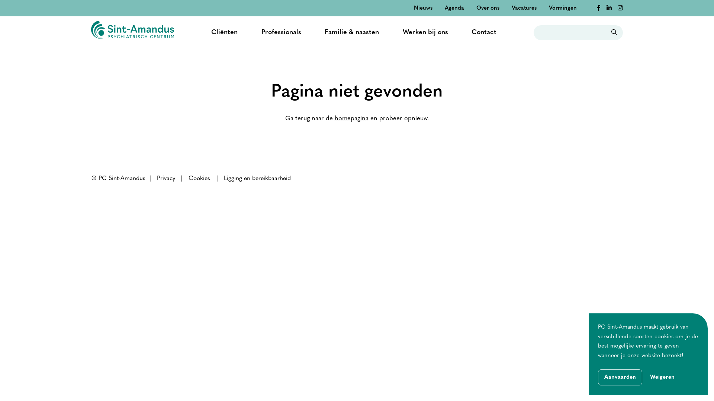 This screenshot has width=714, height=401. Describe the element at coordinates (662, 378) in the screenshot. I see `'Weigeren'` at that location.